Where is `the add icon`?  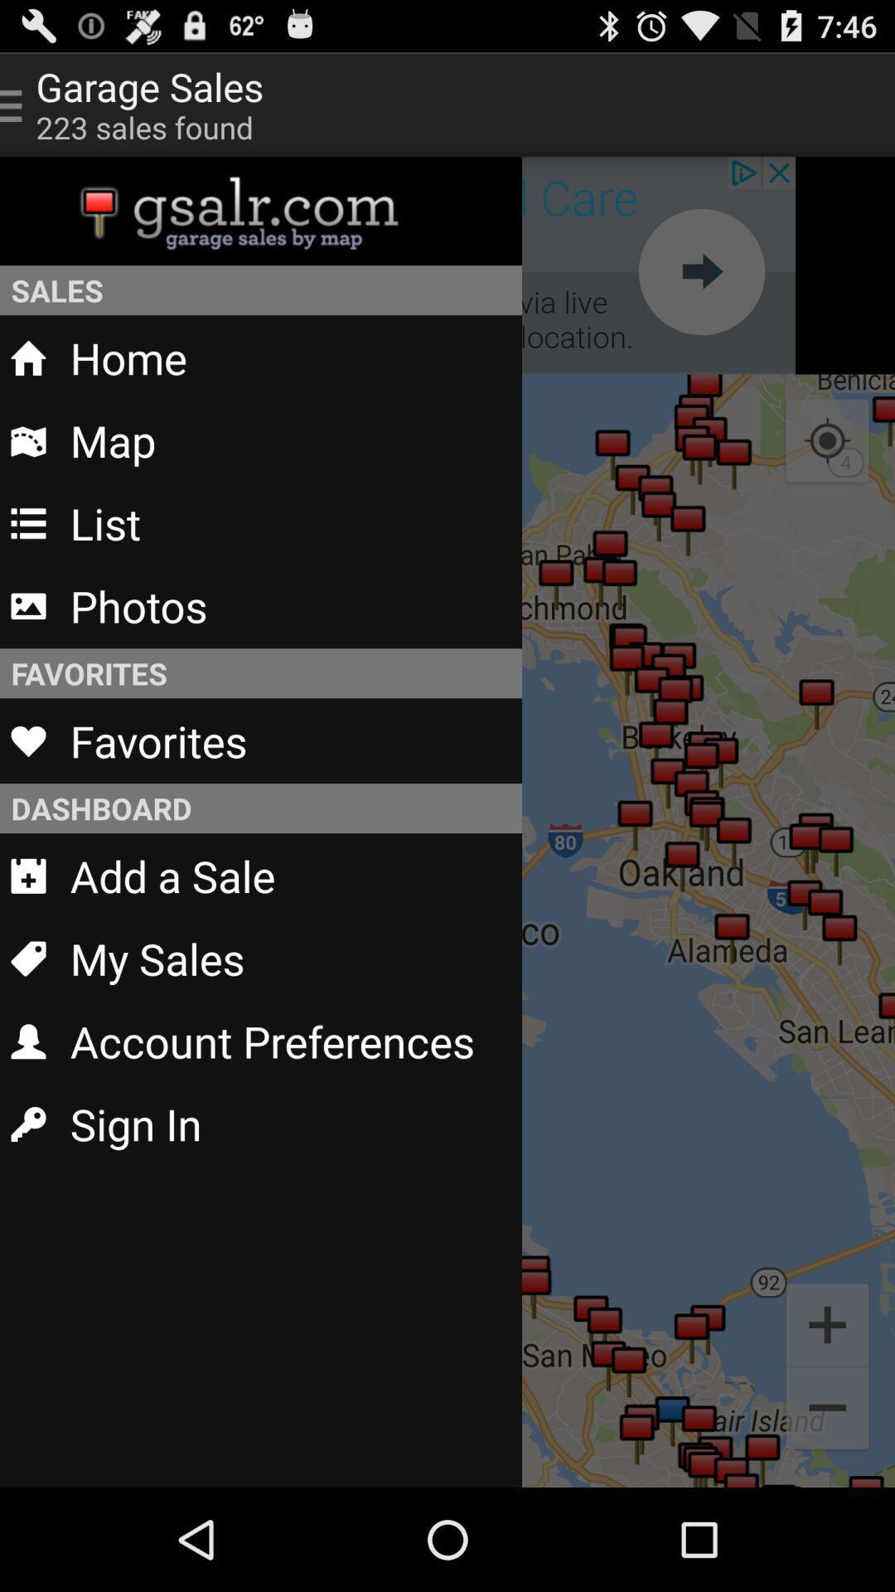
the add icon is located at coordinates (827, 1415).